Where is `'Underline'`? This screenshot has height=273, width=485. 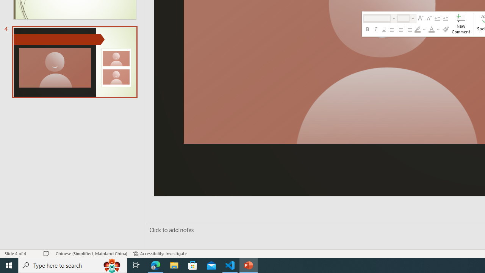 'Underline' is located at coordinates (384, 29).